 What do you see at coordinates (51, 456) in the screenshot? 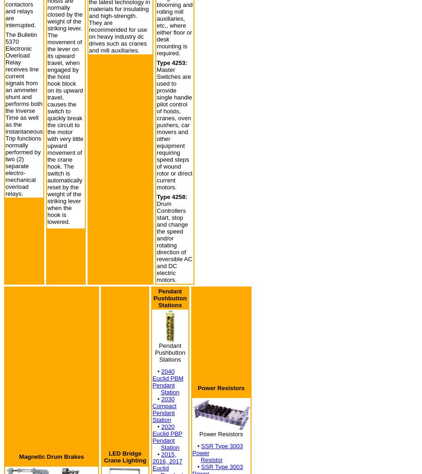
I see `'Magnetic Drum Brakes'` at bounding box center [51, 456].